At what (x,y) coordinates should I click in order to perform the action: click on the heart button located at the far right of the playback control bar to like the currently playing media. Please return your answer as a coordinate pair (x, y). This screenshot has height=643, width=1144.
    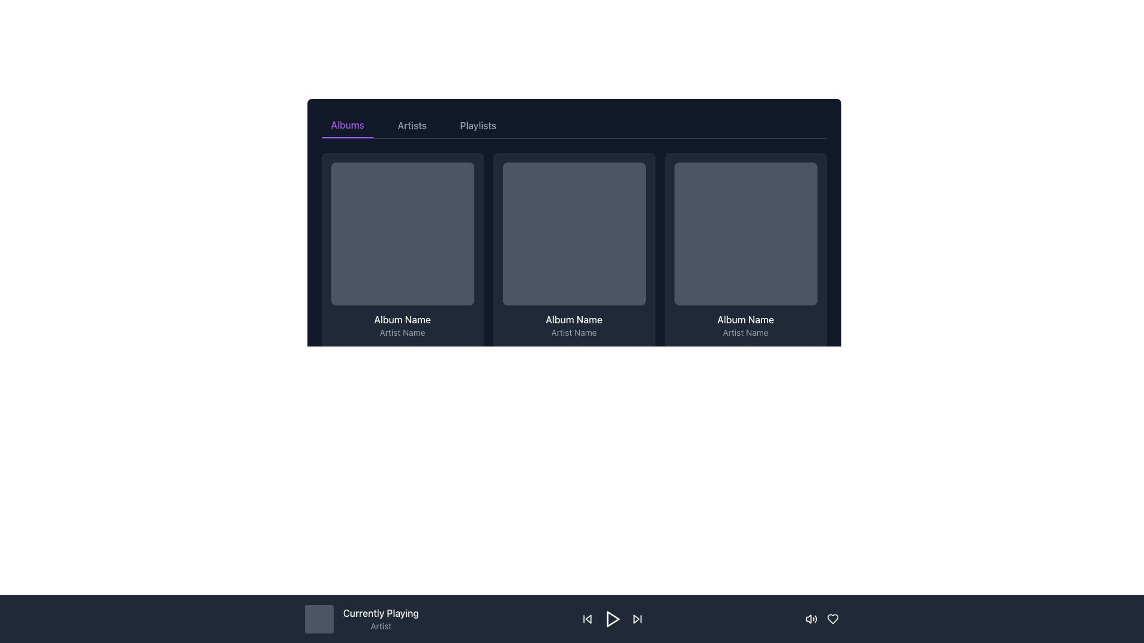
    Looking at the image, I should click on (832, 619).